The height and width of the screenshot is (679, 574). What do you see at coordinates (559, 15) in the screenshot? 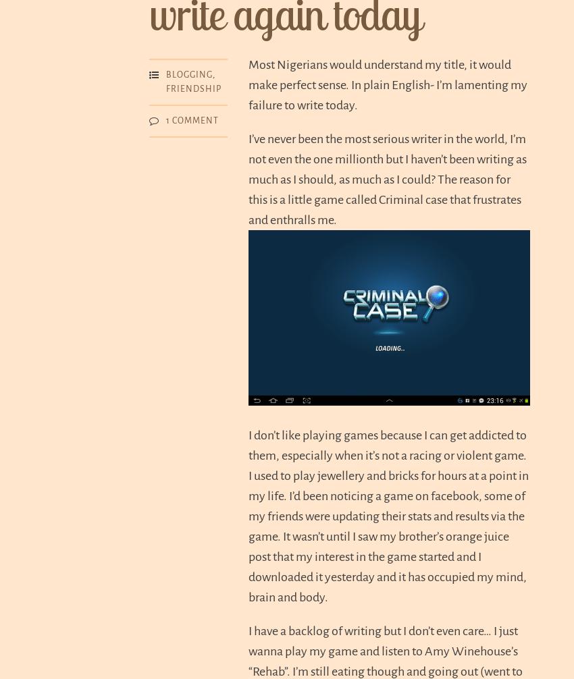
I see `'.'` at bounding box center [559, 15].